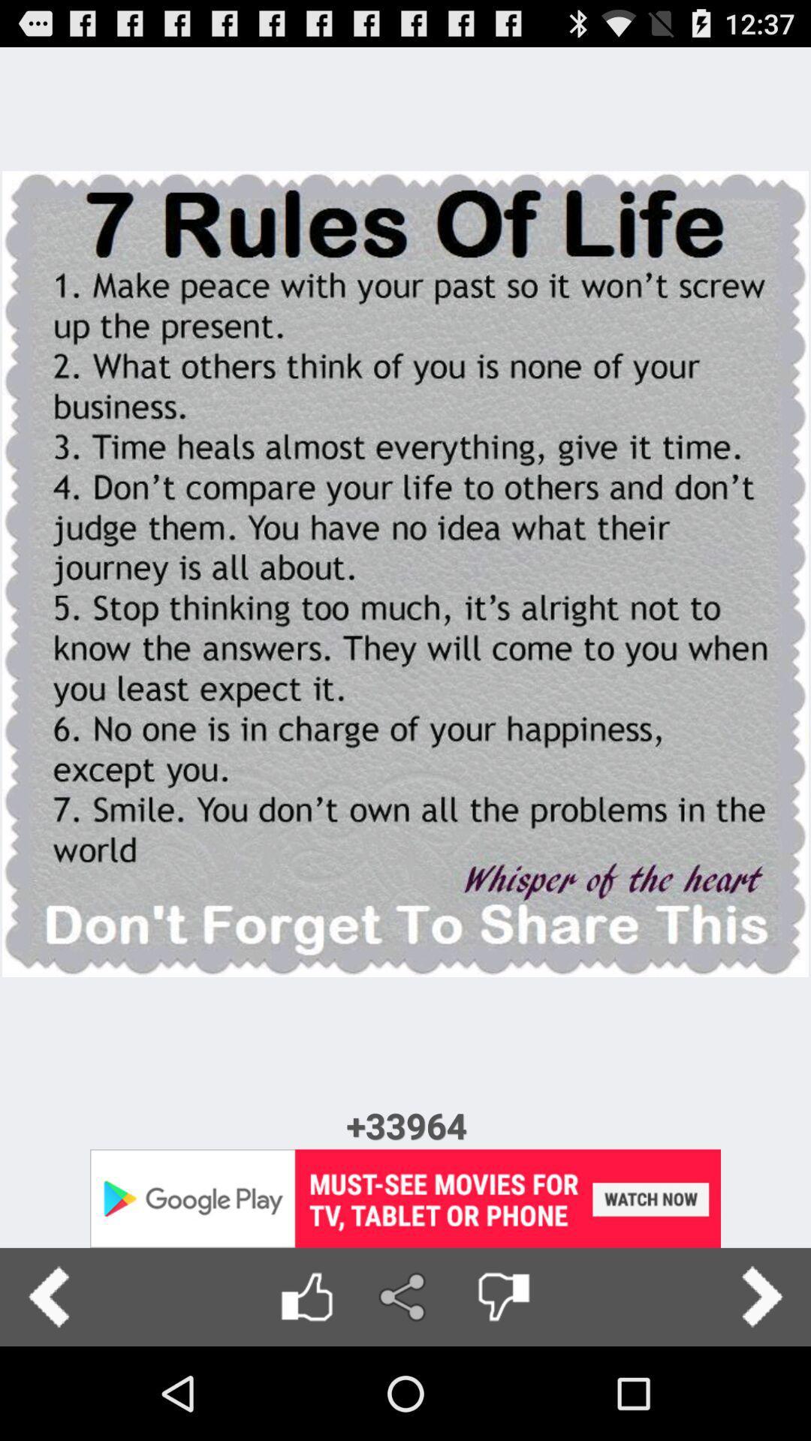 The image size is (811, 1441). Describe the element at coordinates (306, 1296) in the screenshot. I see `like` at that location.